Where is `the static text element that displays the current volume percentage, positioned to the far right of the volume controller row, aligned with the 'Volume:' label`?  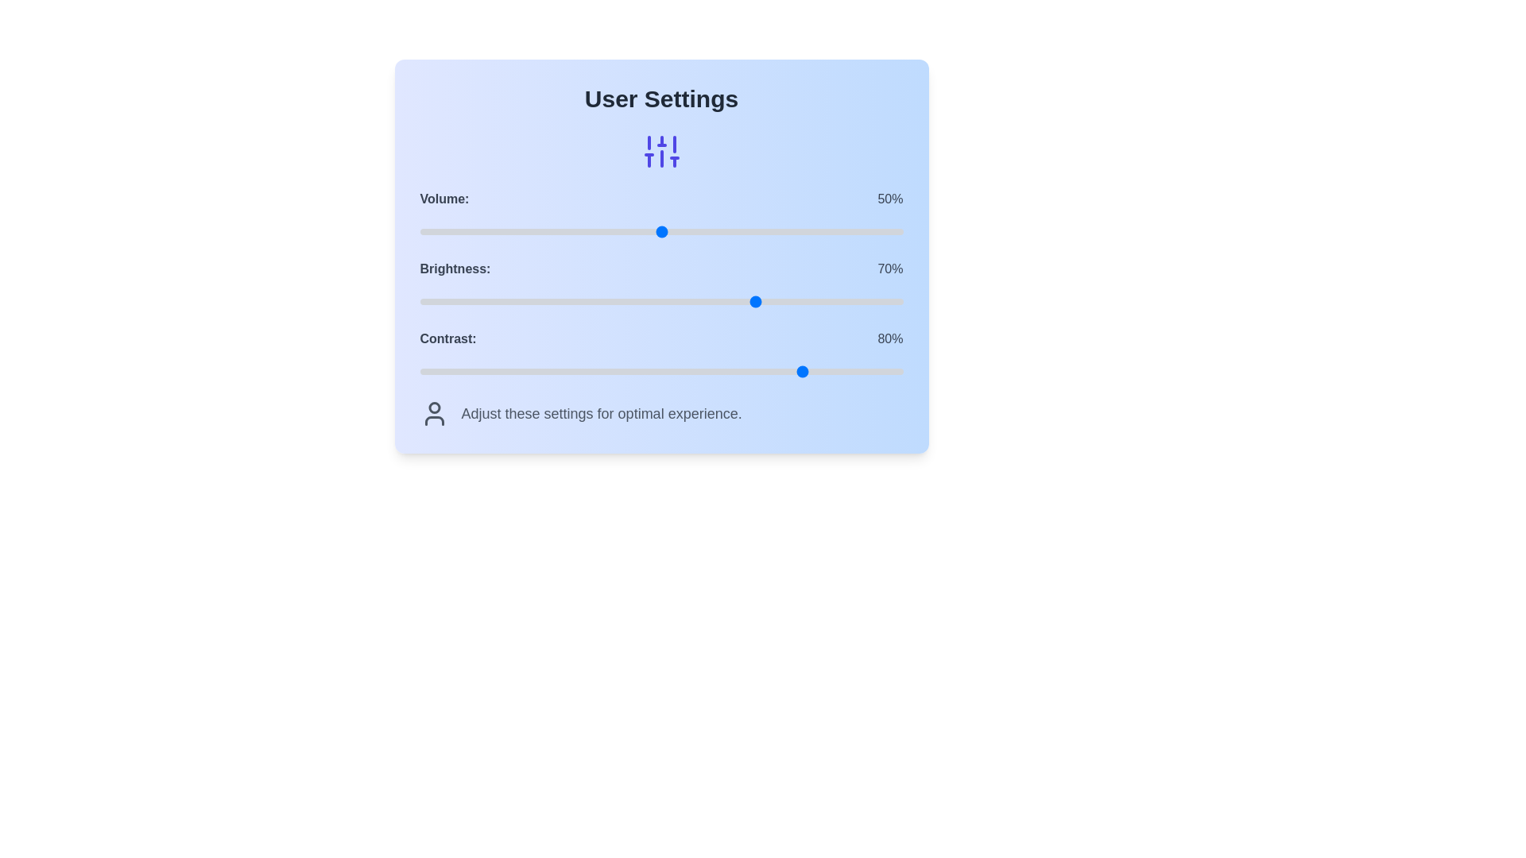
the static text element that displays the current volume percentage, positioned to the far right of the volume controller row, aligned with the 'Volume:' label is located at coordinates (890, 198).